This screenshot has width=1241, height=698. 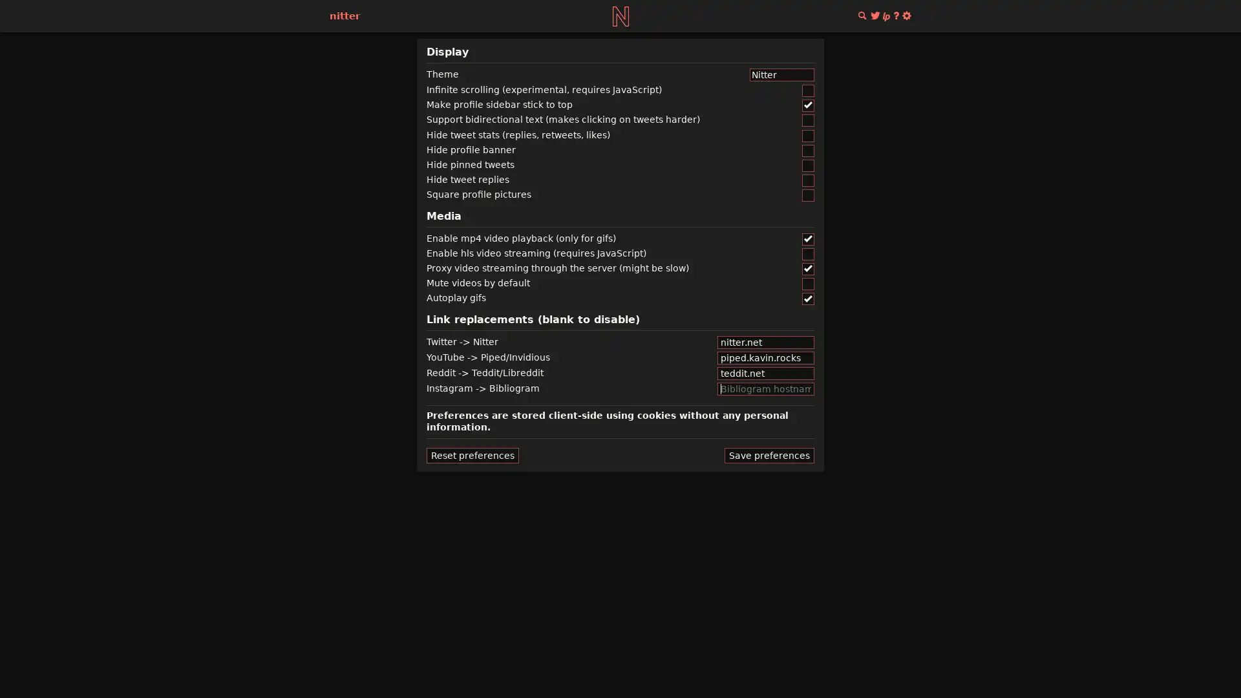 What do you see at coordinates (769, 454) in the screenshot?
I see `Save preferences` at bounding box center [769, 454].